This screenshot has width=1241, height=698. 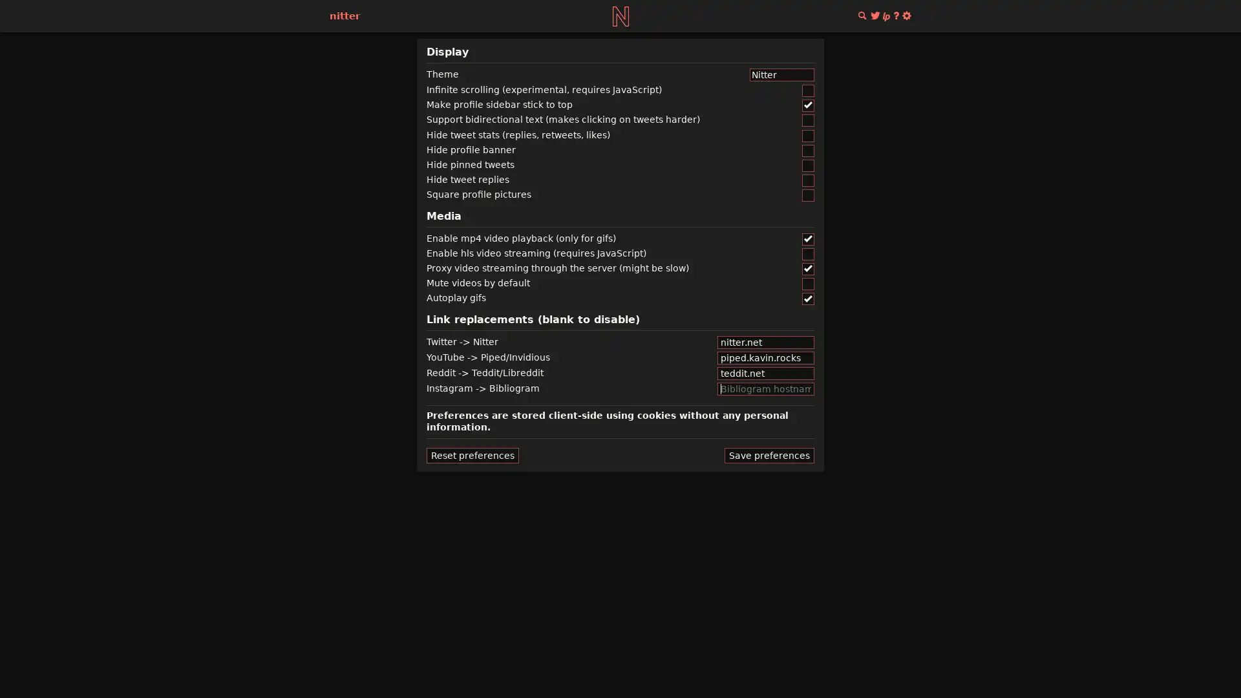 What do you see at coordinates (769, 454) in the screenshot?
I see `Save preferences` at bounding box center [769, 454].